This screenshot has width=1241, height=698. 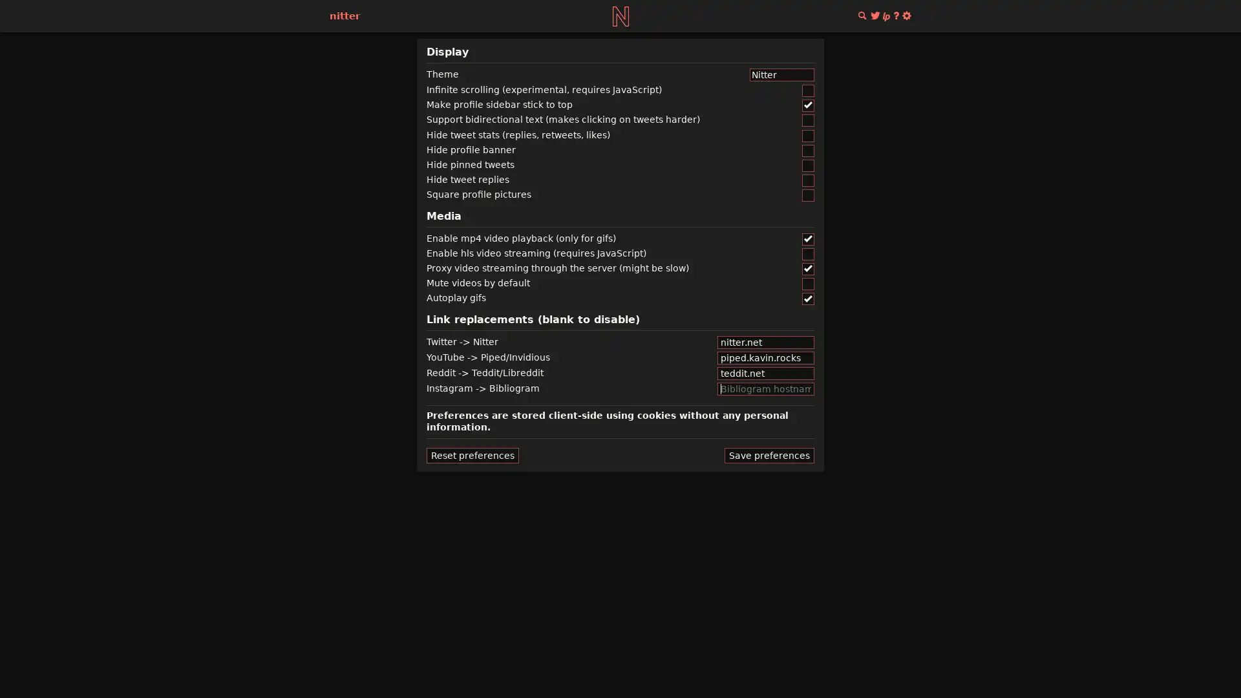 What do you see at coordinates (769, 454) in the screenshot?
I see `Save preferences` at bounding box center [769, 454].